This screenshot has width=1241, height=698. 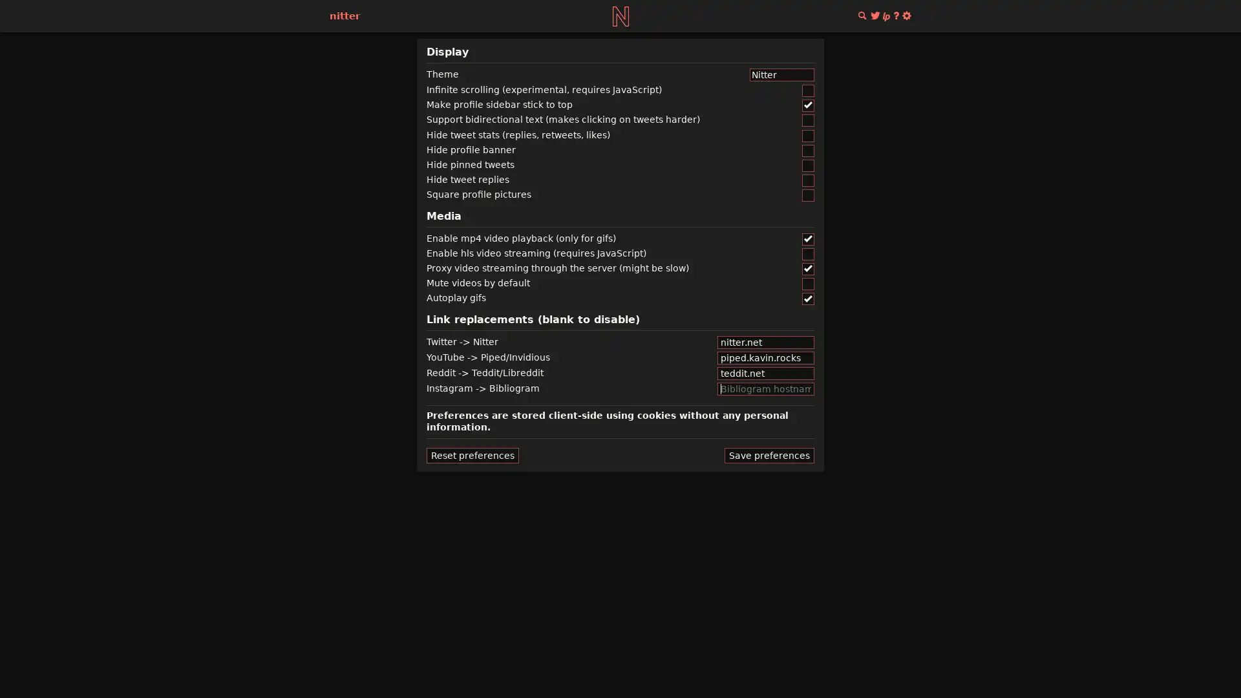 What do you see at coordinates (769, 454) in the screenshot?
I see `Save preferences` at bounding box center [769, 454].